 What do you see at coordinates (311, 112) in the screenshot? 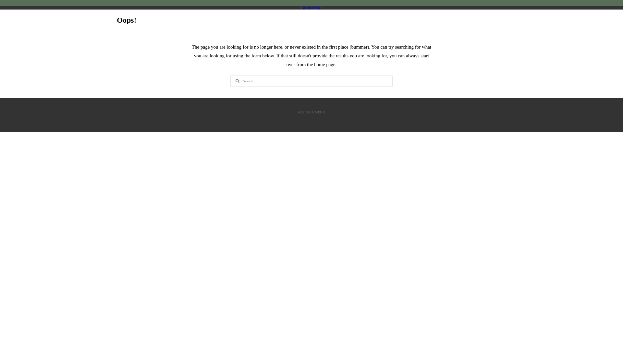
I see `'ASSIGN A MENU'` at bounding box center [311, 112].